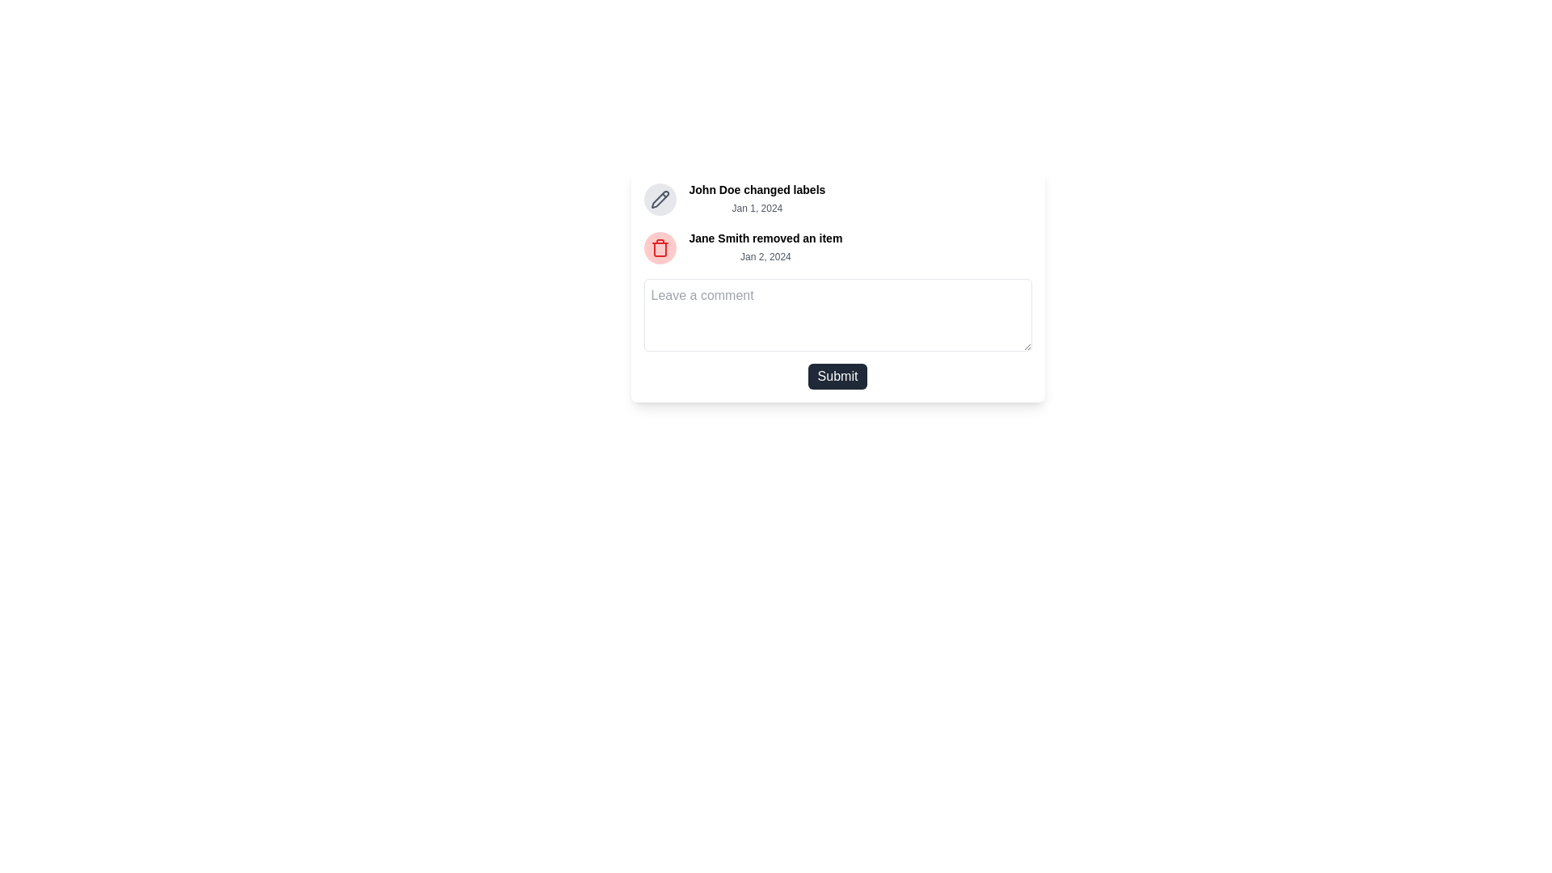 This screenshot has height=873, width=1552. Describe the element at coordinates (660, 198) in the screenshot. I see `the pencil-like icon used for editing or writing located on the left side of the notification or activity item row` at that location.